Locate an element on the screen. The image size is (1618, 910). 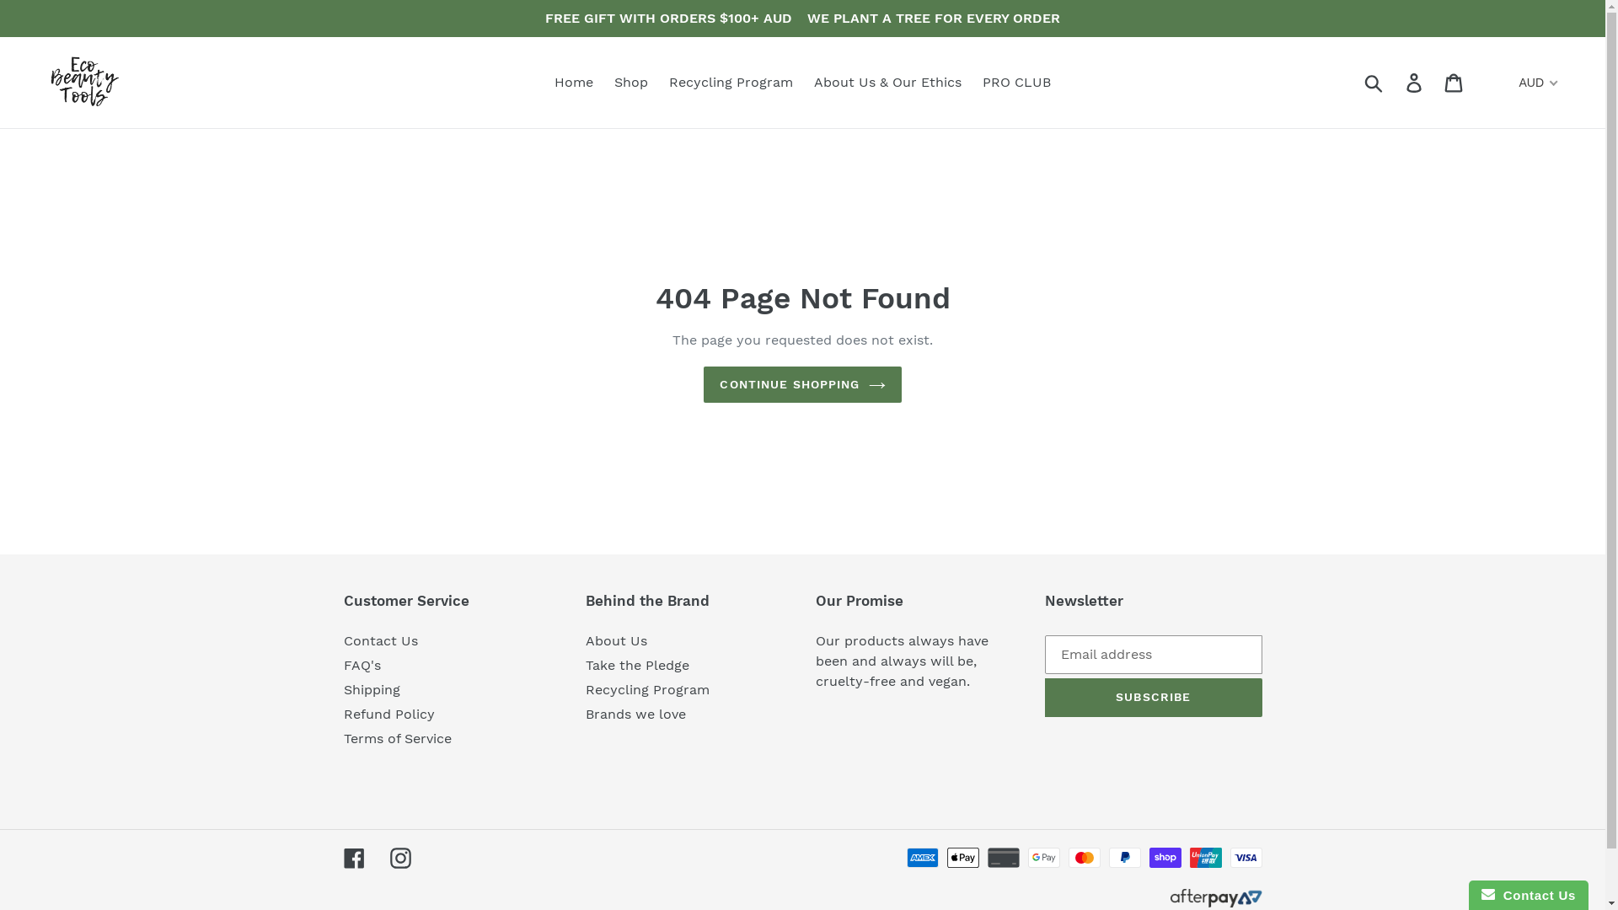
'Take the Pledge' is located at coordinates (636, 664).